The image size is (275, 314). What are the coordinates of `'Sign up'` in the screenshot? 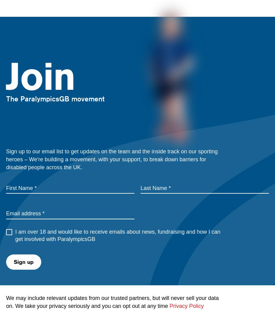 It's located at (23, 261).